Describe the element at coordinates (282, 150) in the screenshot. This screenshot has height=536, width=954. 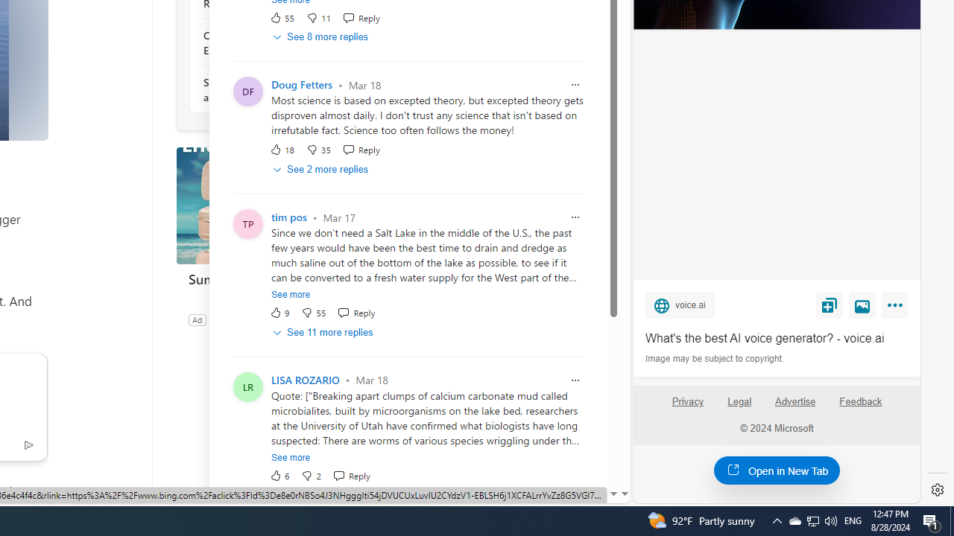
I see `'18 Like'` at that location.